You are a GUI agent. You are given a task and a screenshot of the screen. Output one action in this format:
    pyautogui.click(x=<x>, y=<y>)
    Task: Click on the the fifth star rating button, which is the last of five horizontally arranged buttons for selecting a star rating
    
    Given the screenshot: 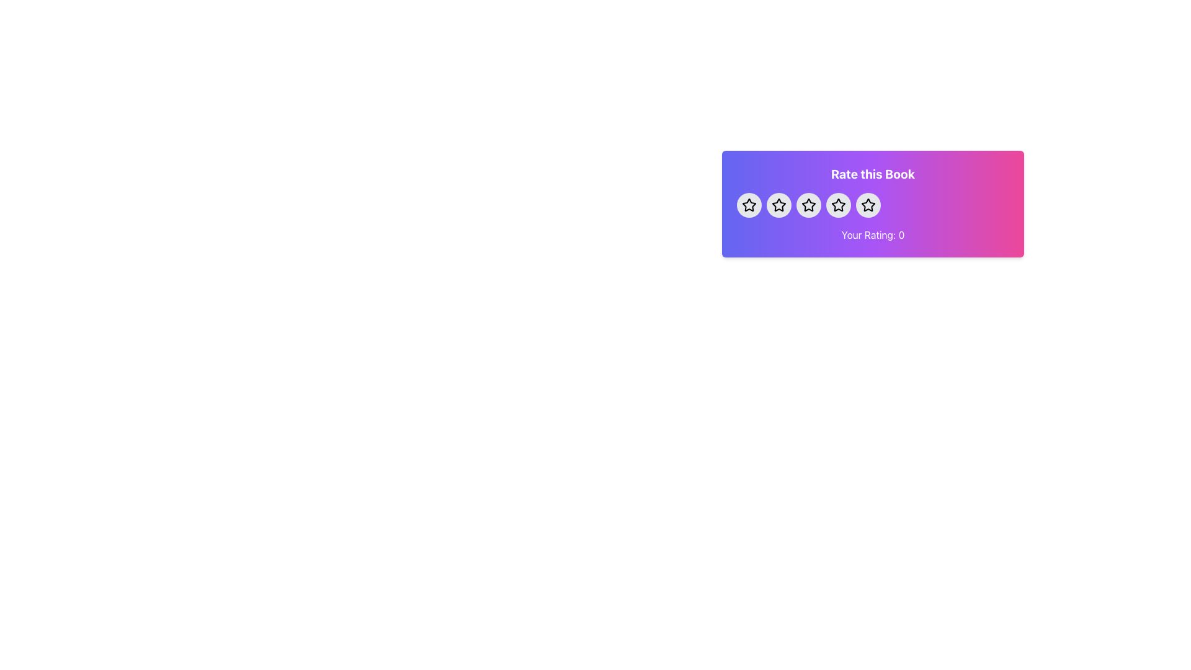 What is the action you would take?
    pyautogui.click(x=868, y=205)
    